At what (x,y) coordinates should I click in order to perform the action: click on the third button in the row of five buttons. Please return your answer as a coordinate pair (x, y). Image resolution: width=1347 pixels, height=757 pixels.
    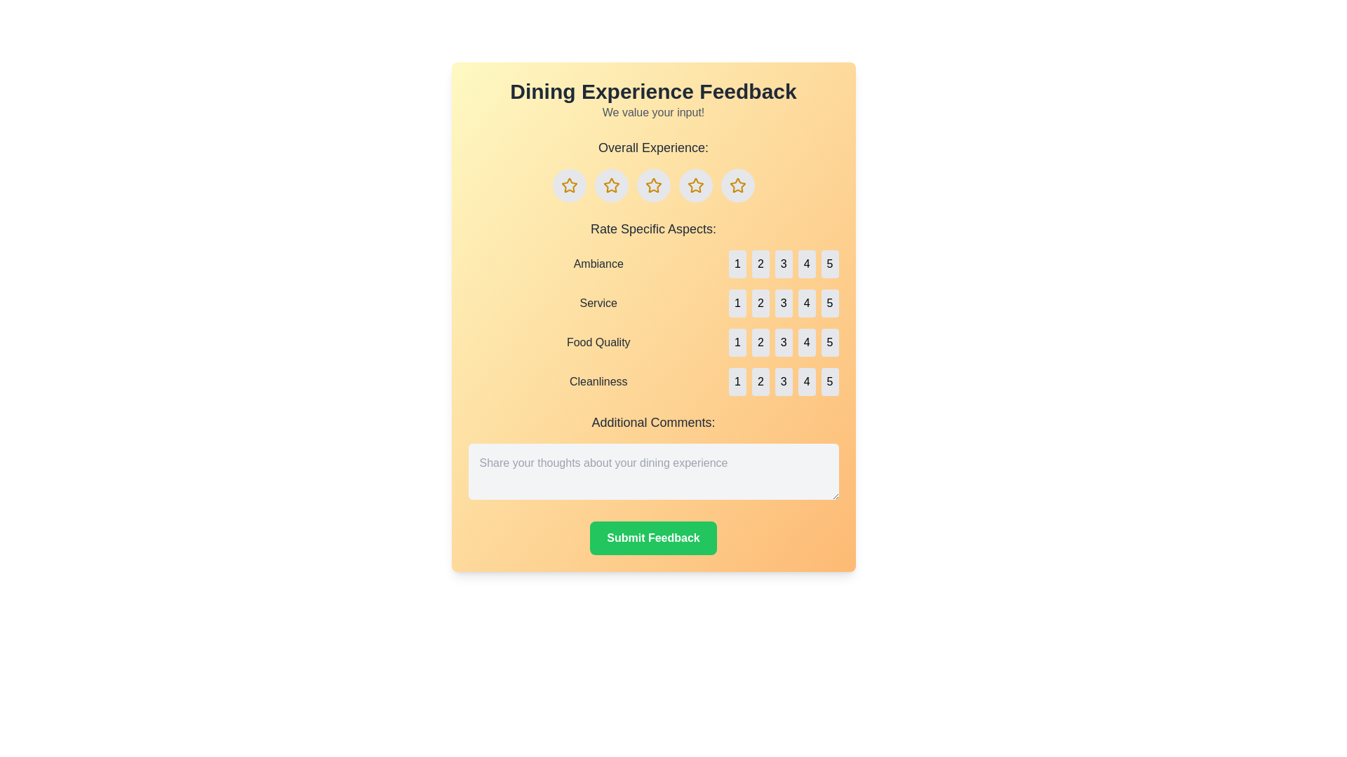
    Looking at the image, I should click on (783, 343).